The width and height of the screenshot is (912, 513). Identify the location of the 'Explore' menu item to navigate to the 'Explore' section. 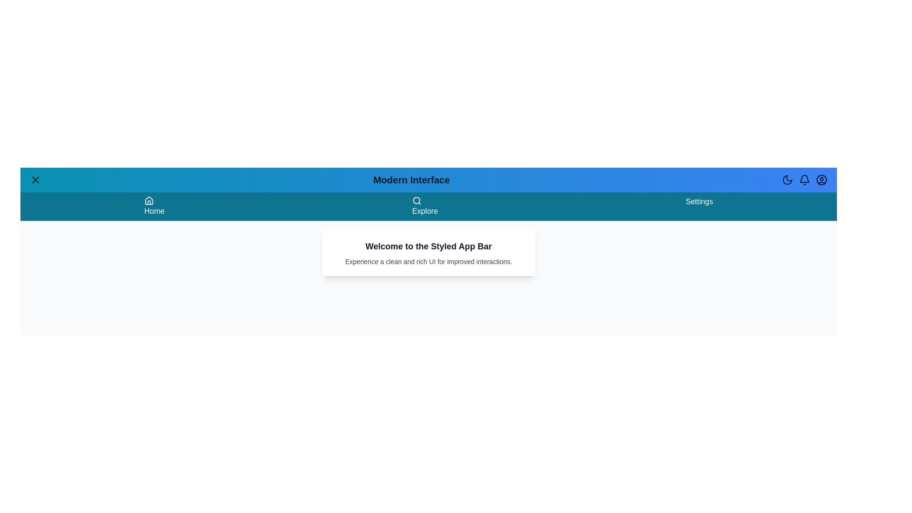
(424, 206).